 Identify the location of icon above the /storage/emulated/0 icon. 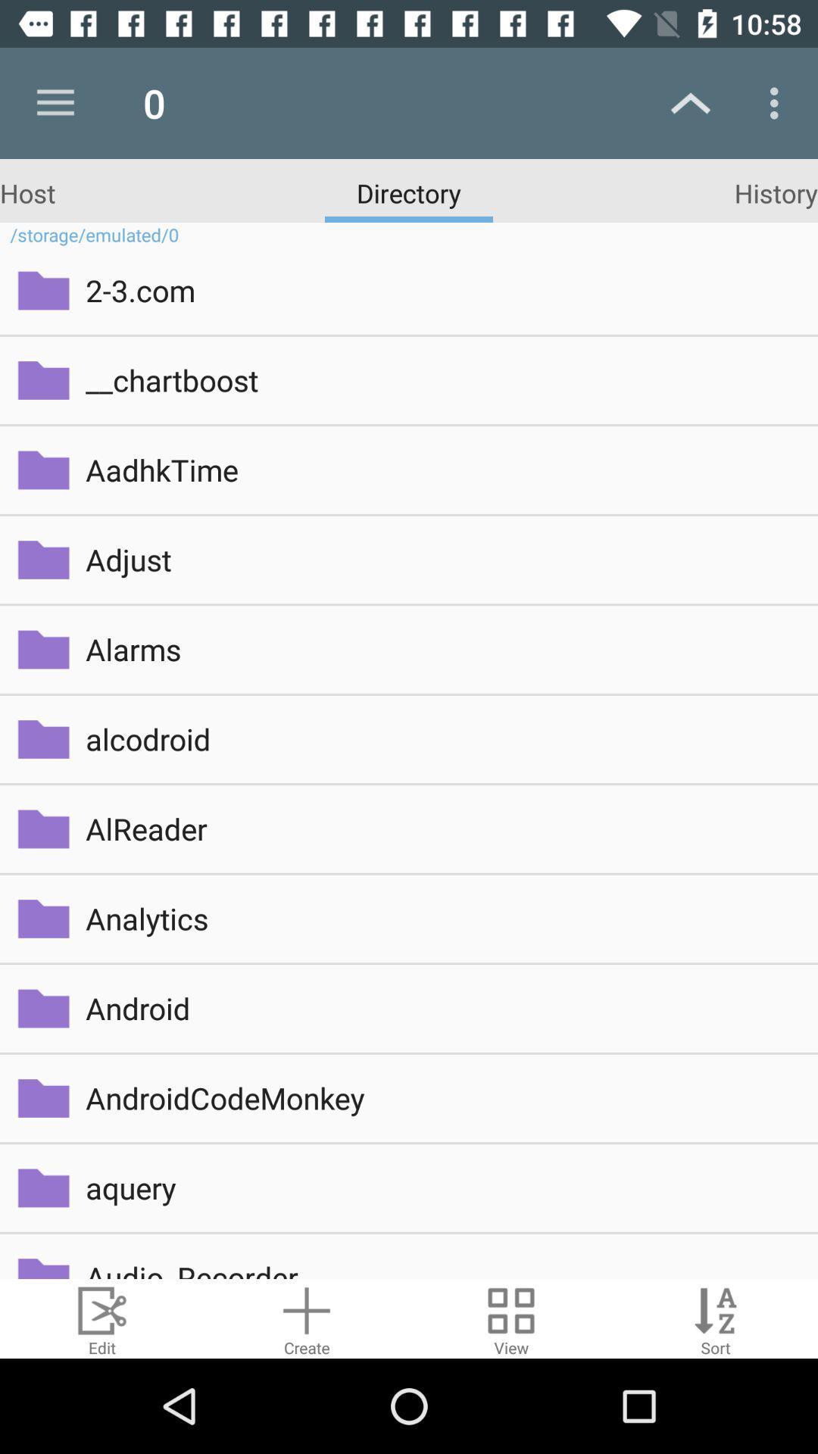
(776, 192).